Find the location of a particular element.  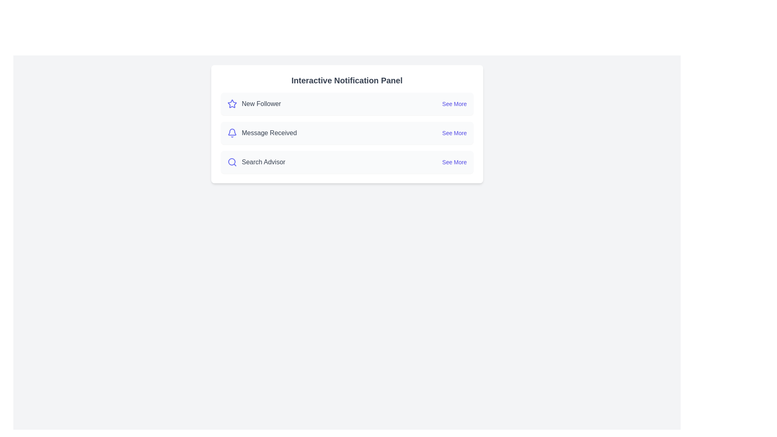

the decorative star icon for the 'New Follower' notification, which is located to the left of the 'New Follower' text label in the notification panel is located at coordinates (231, 103).